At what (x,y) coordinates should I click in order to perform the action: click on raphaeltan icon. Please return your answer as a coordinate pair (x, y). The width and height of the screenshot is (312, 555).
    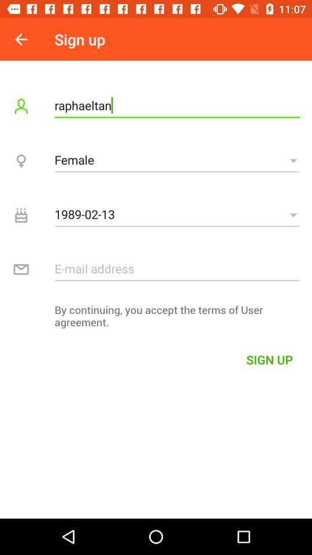
    Looking at the image, I should click on (177, 105).